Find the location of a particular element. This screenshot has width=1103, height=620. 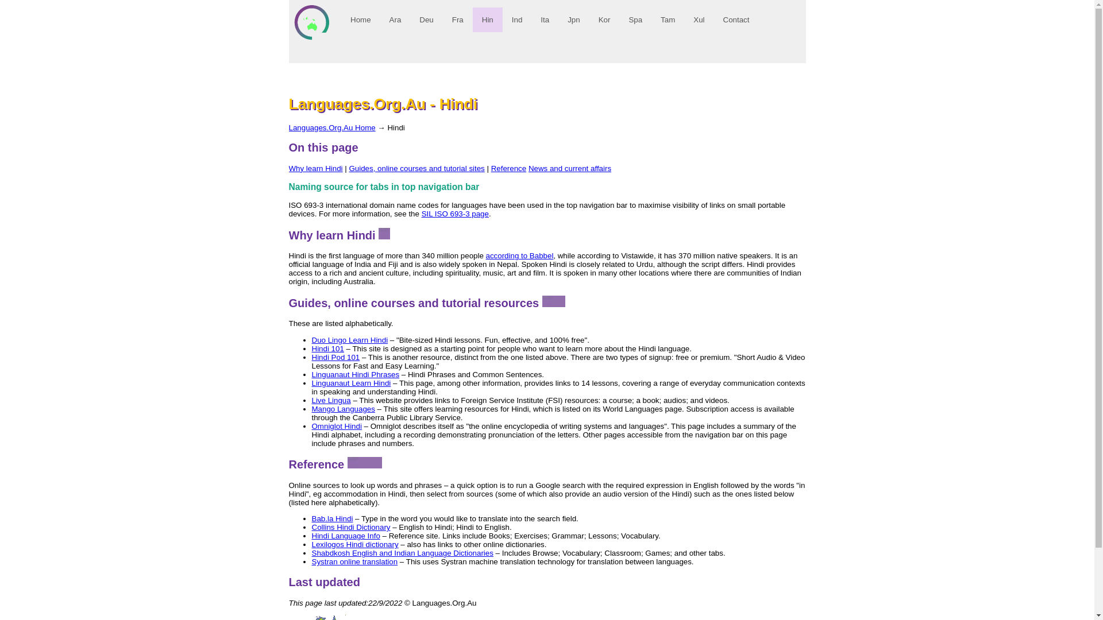

'Shabdkosh English and Indian Language Dictionaries' is located at coordinates (402, 552).